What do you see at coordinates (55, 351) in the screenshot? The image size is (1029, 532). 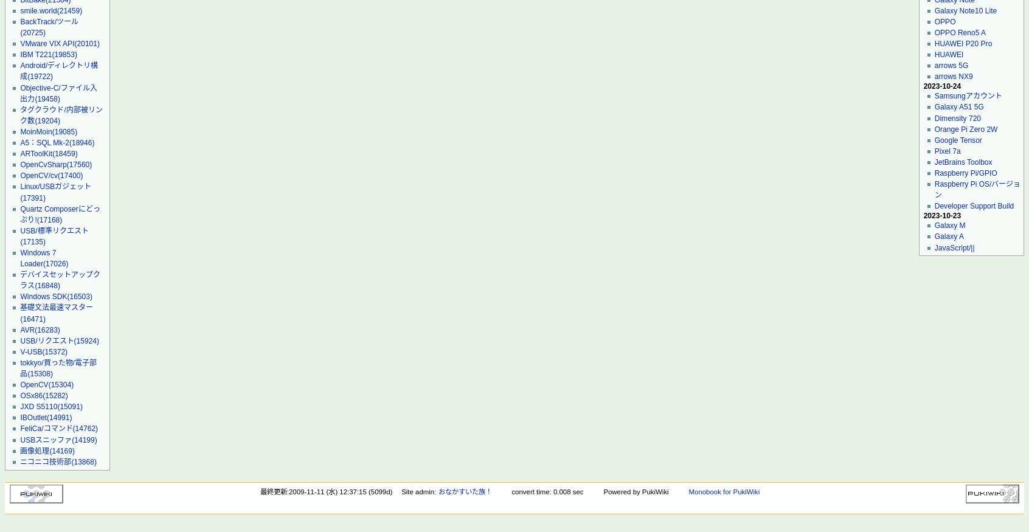 I see `'(15372)'` at bounding box center [55, 351].